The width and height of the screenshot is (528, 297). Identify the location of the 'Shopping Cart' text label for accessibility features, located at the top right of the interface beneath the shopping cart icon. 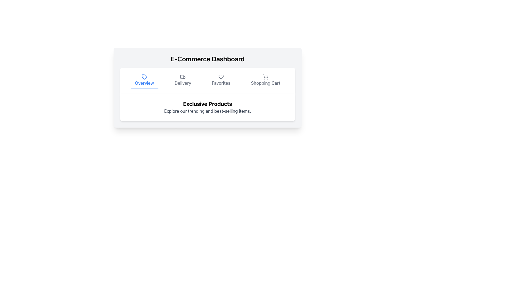
(266, 83).